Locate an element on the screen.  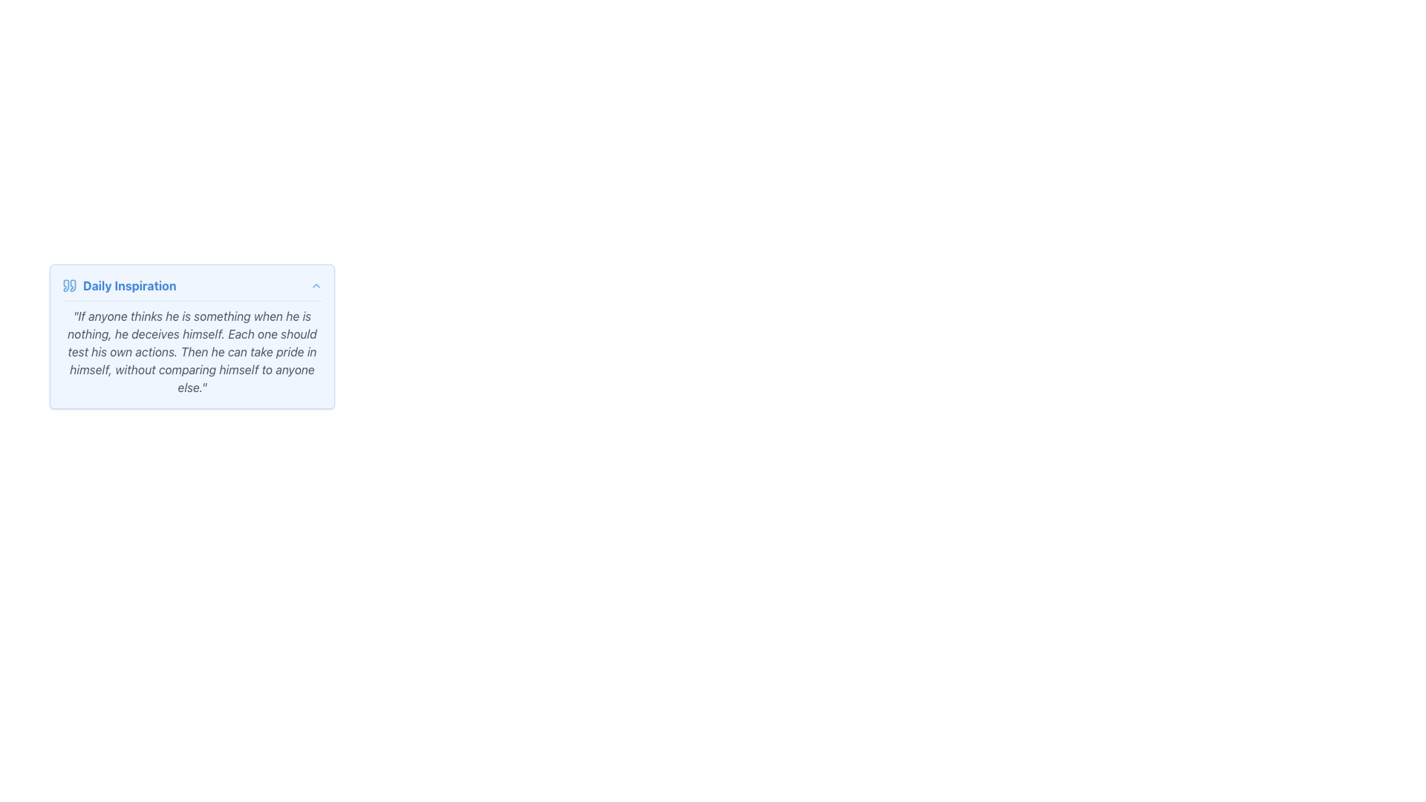
the right-side quote shape of the SVG icon in the 'Daily Inspiration' widget, which has a blue stroke color and is positioned slightly higher than the left-side quote shape is located at coordinates (72, 286).